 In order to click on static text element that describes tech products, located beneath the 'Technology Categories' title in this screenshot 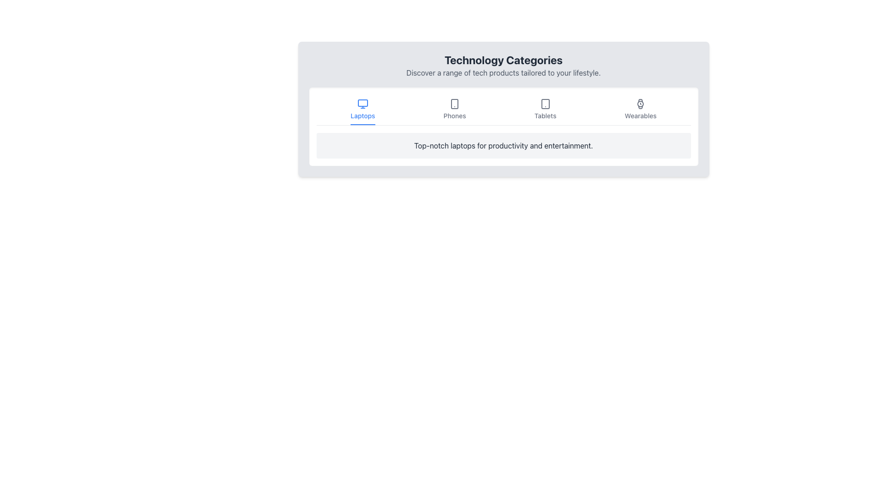, I will do `click(503, 72)`.